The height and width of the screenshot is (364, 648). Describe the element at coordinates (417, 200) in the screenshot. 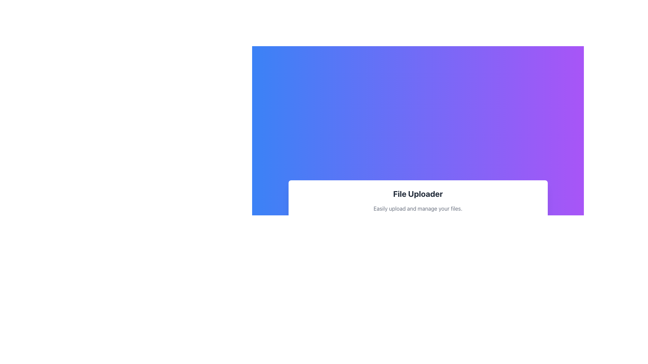

I see `information displayed on the Textual Content Block titled 'File Uploader', which includes the description 'Easily upload and manage your files.'` at that location.